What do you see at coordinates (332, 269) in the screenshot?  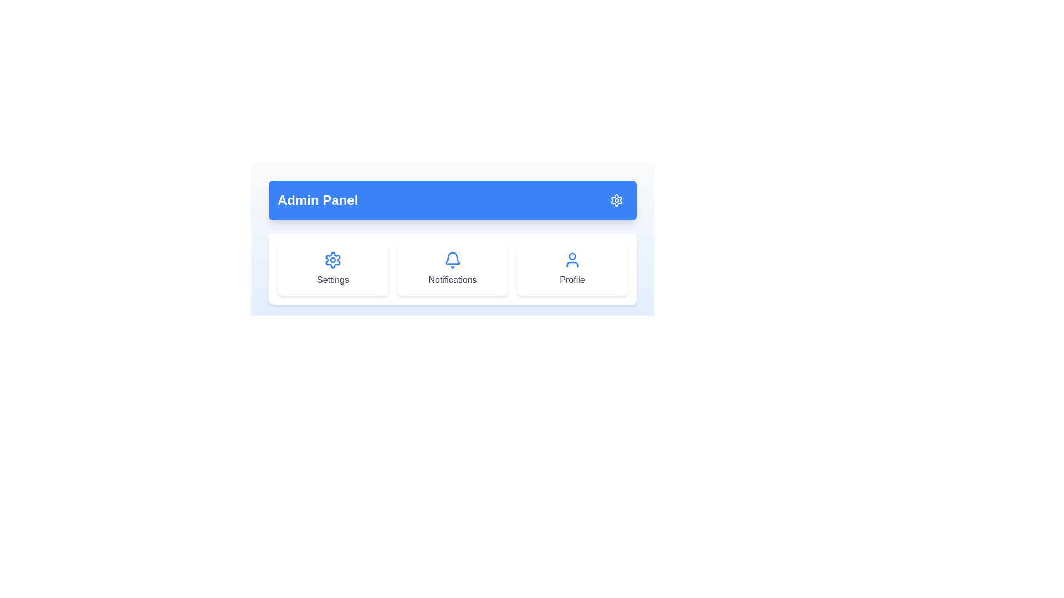 I see `the Settings card to select it` at bounding box center [332, 269].